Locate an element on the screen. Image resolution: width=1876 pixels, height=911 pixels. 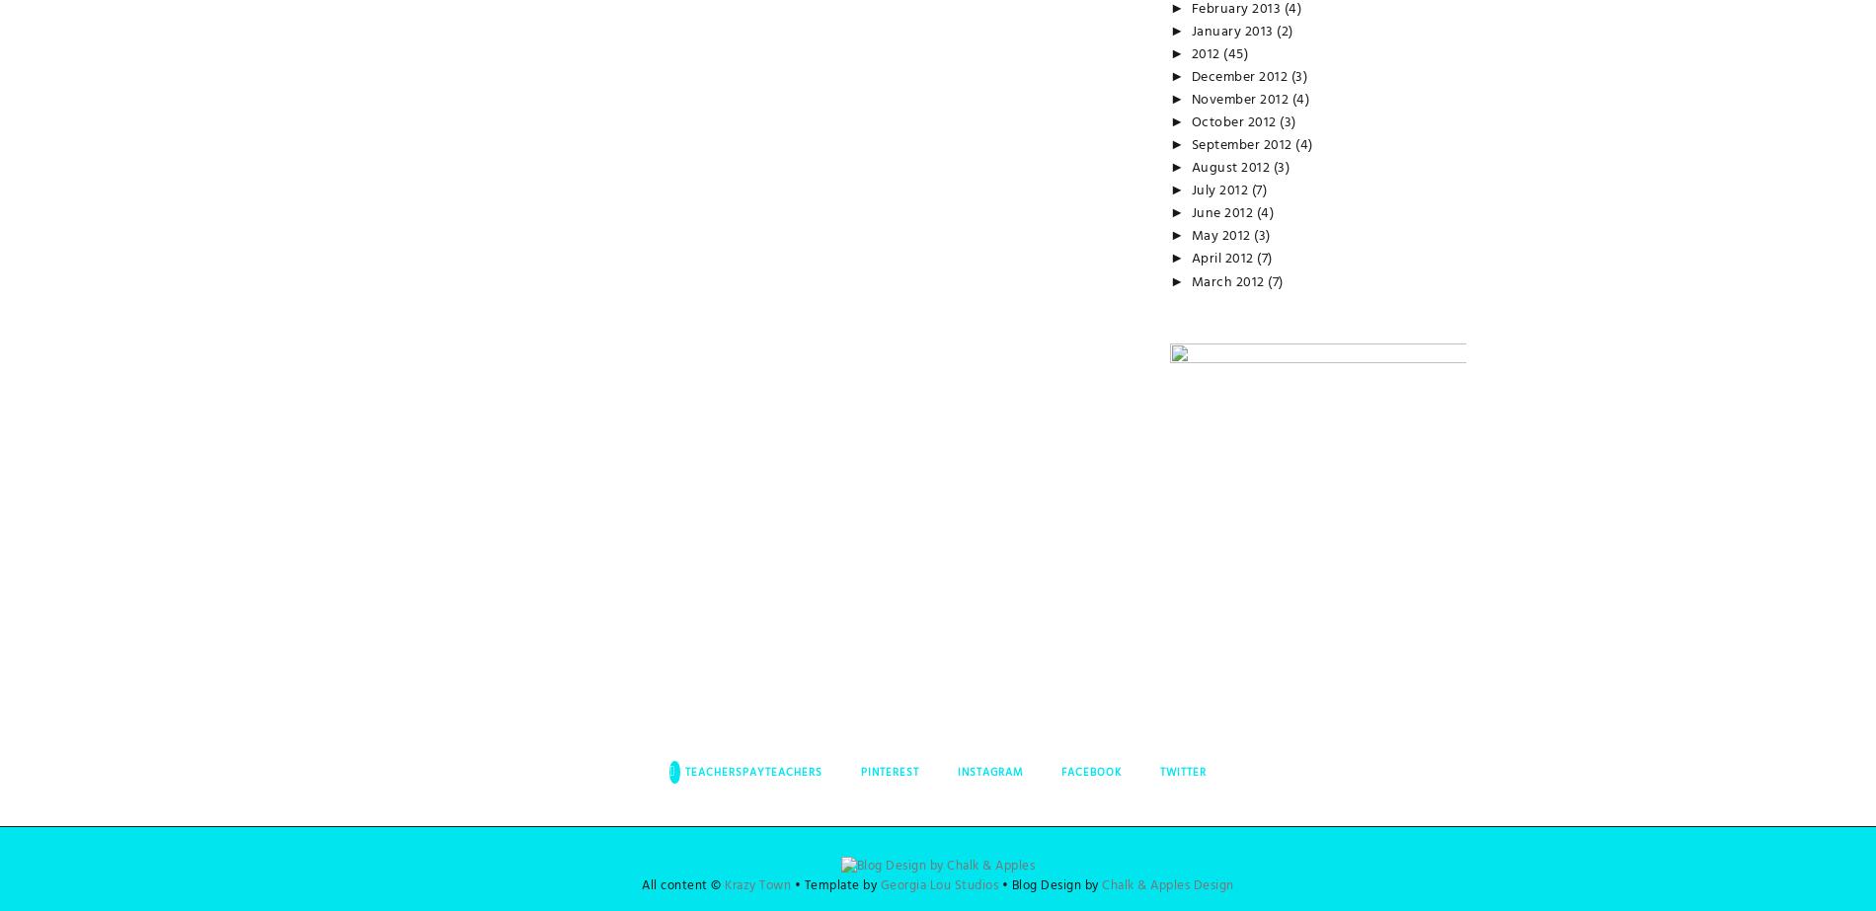
'Krazy Town' is located at coordinates (756, 884).